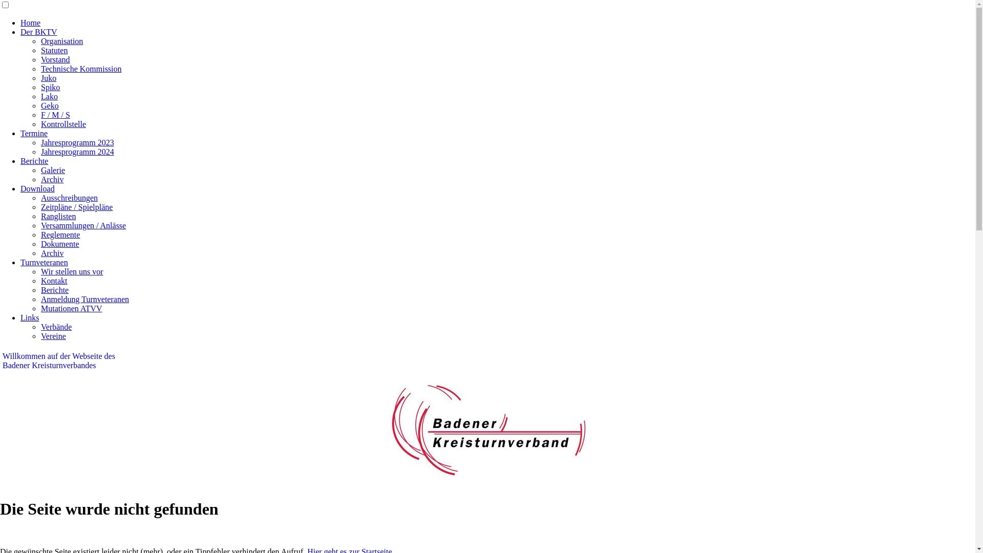 Image resolution: width=983 pixels, height=553 pixels. Describe the element at coordinates (69, 198) in the screenshot. I see `'Ausschreibungen'` at that location.